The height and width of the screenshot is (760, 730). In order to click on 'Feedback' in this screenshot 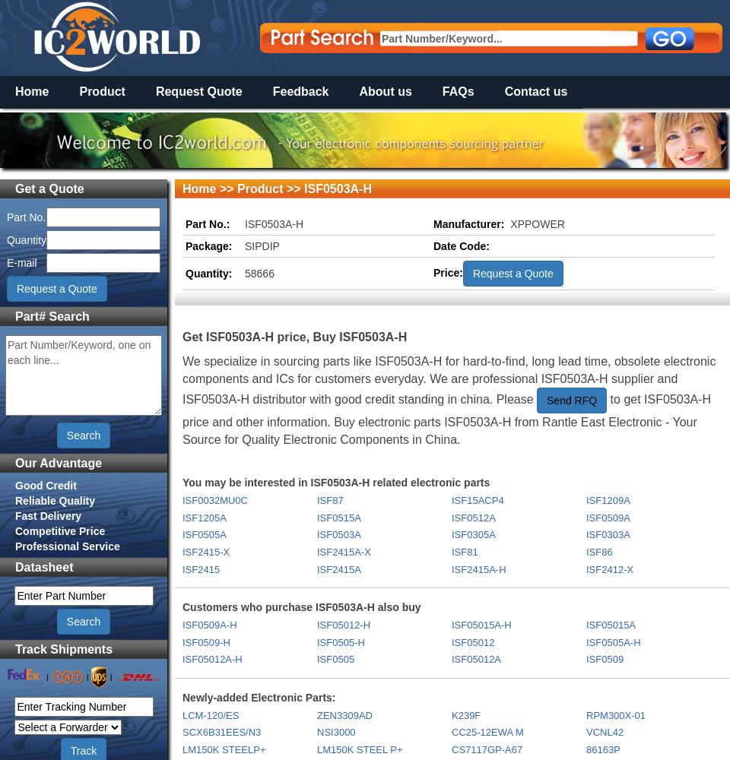, I will do `click(300, 90)`.